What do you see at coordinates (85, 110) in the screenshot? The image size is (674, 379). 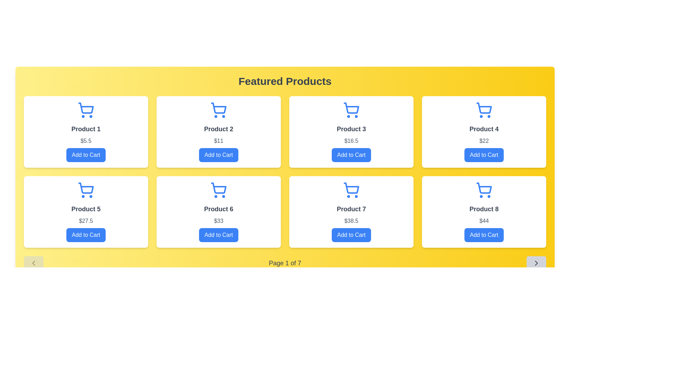 I see `the blue cart icon located at the top center of the 'Product 1' card, which is positioned above the product title and price` at bounding box center [85, 110].